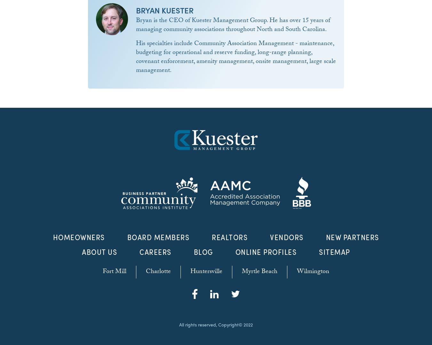 The width and height of the screenshot is (432, 345). Describe the element at coordinates (260, 272) in the screenshot. I see `'Myrtle Beach'` at that location.